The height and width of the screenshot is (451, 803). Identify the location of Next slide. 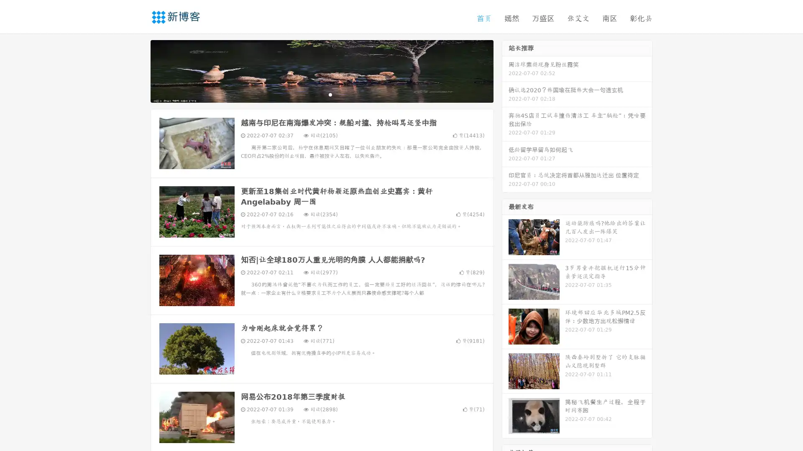
(505, 70).